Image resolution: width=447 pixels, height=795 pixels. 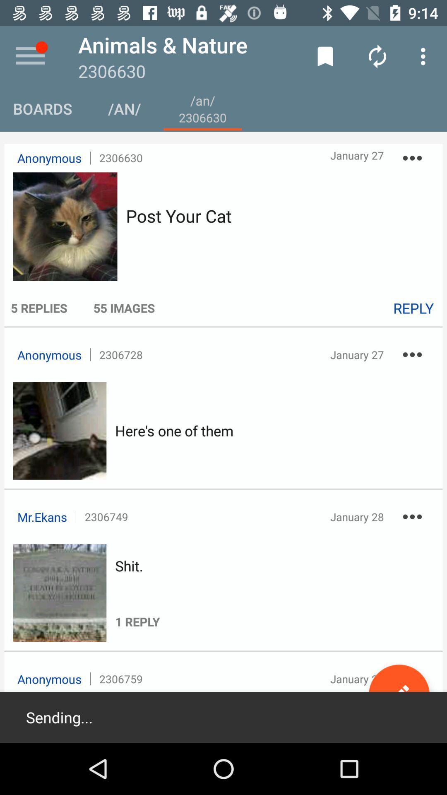 What do you see at coordinates (174, 431) in the screenshot?
I see `the item at the center` at bounding box center [174, 431].